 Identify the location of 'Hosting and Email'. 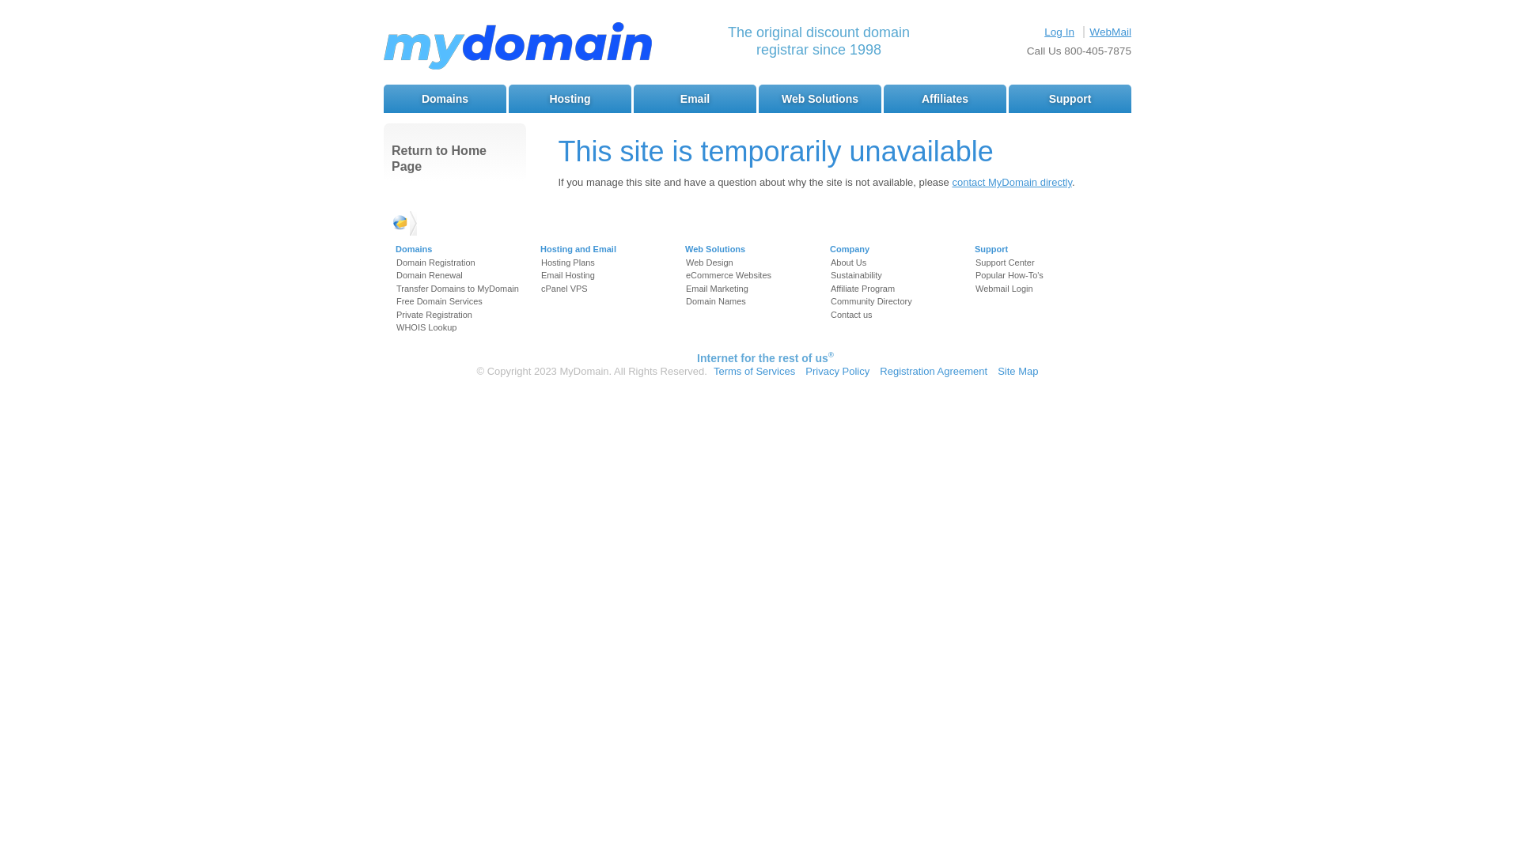
(577, 249).